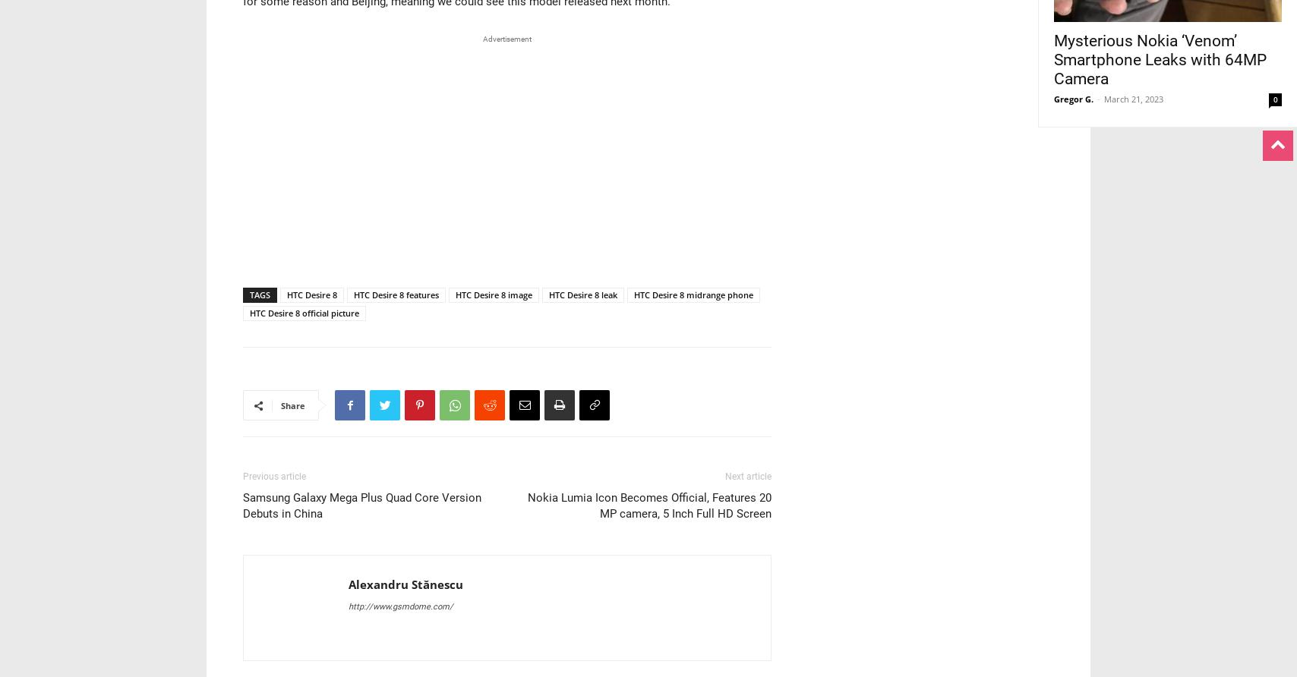  What do you see at coordinates (353, 294) in the screenshot?
I see `'HTC Desire 8 features'` at bounding box center [353, 294].